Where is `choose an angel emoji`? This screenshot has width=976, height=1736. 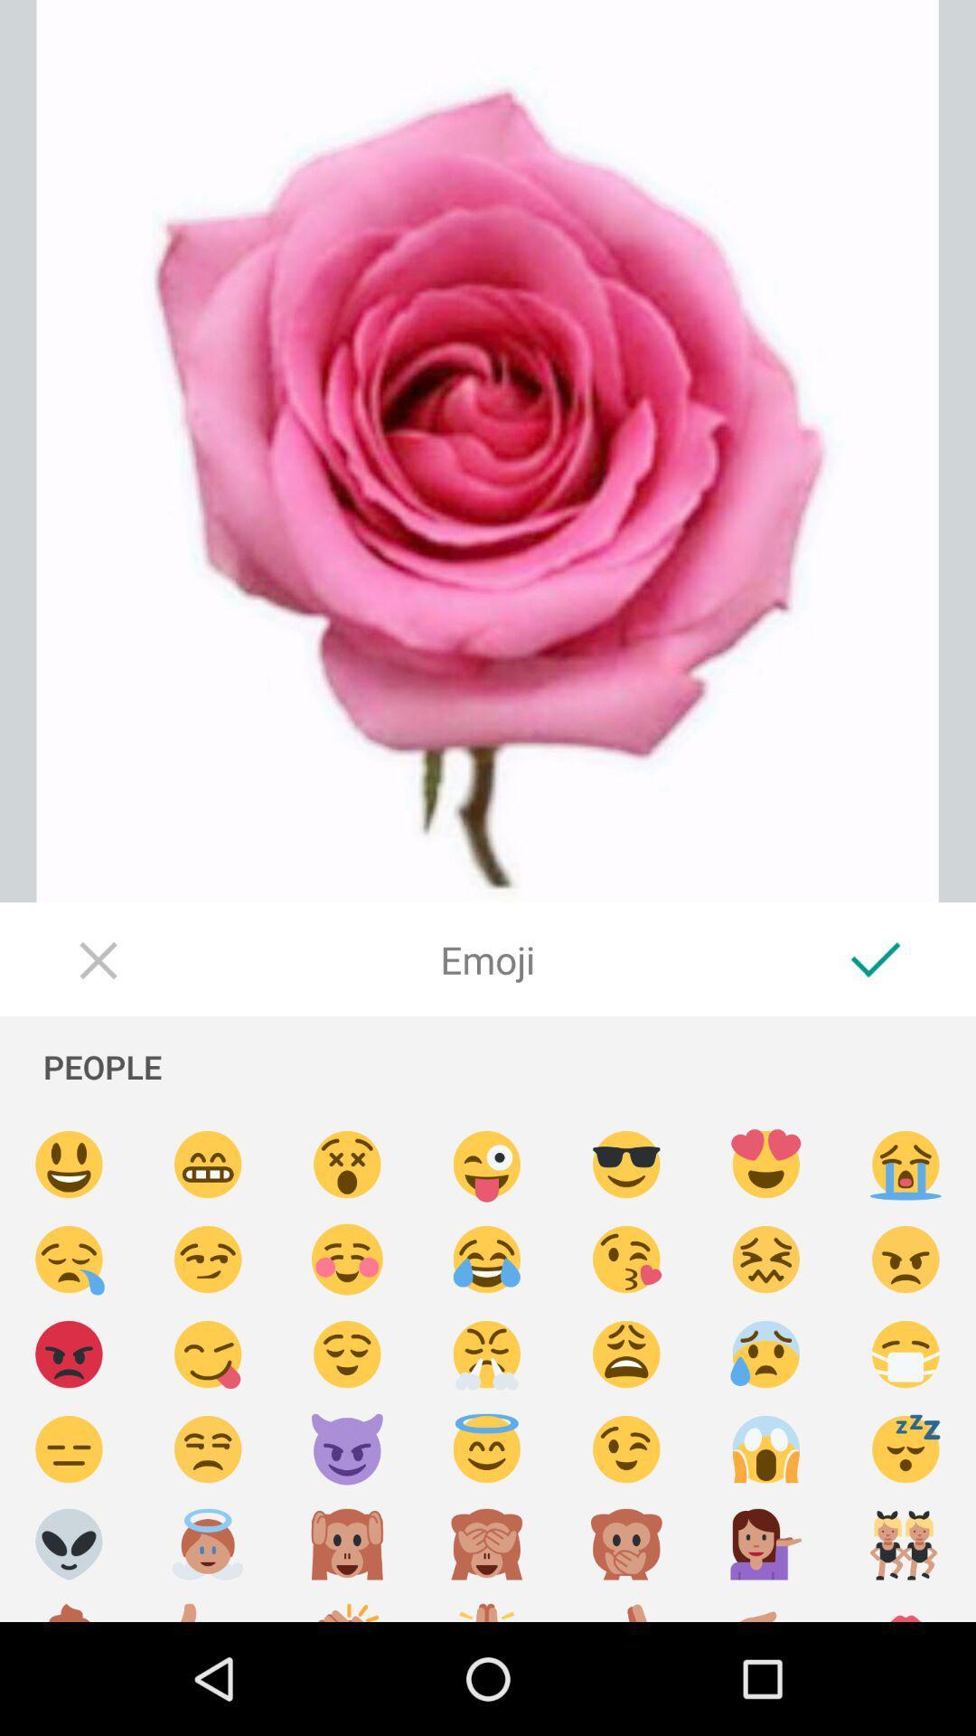
choose an angel emoji is located at coordinates (207, 1543).